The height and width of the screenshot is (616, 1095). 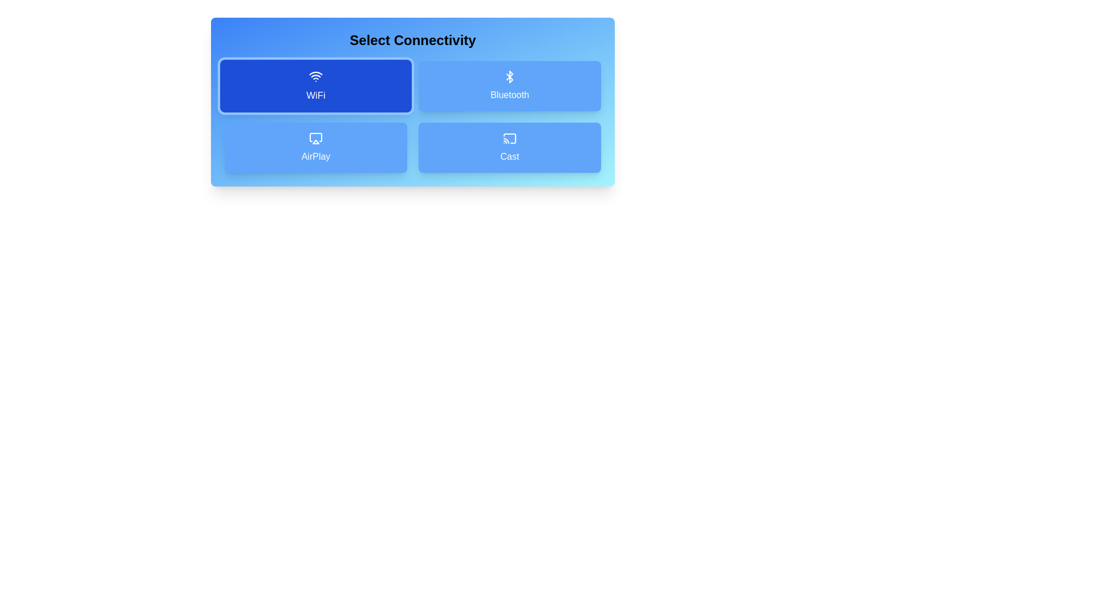 What do you see at coordinates (315, 85) in the screenshot?
I see `the WiFi button to select the desired connectivity option` at bounding box center [315, 85].